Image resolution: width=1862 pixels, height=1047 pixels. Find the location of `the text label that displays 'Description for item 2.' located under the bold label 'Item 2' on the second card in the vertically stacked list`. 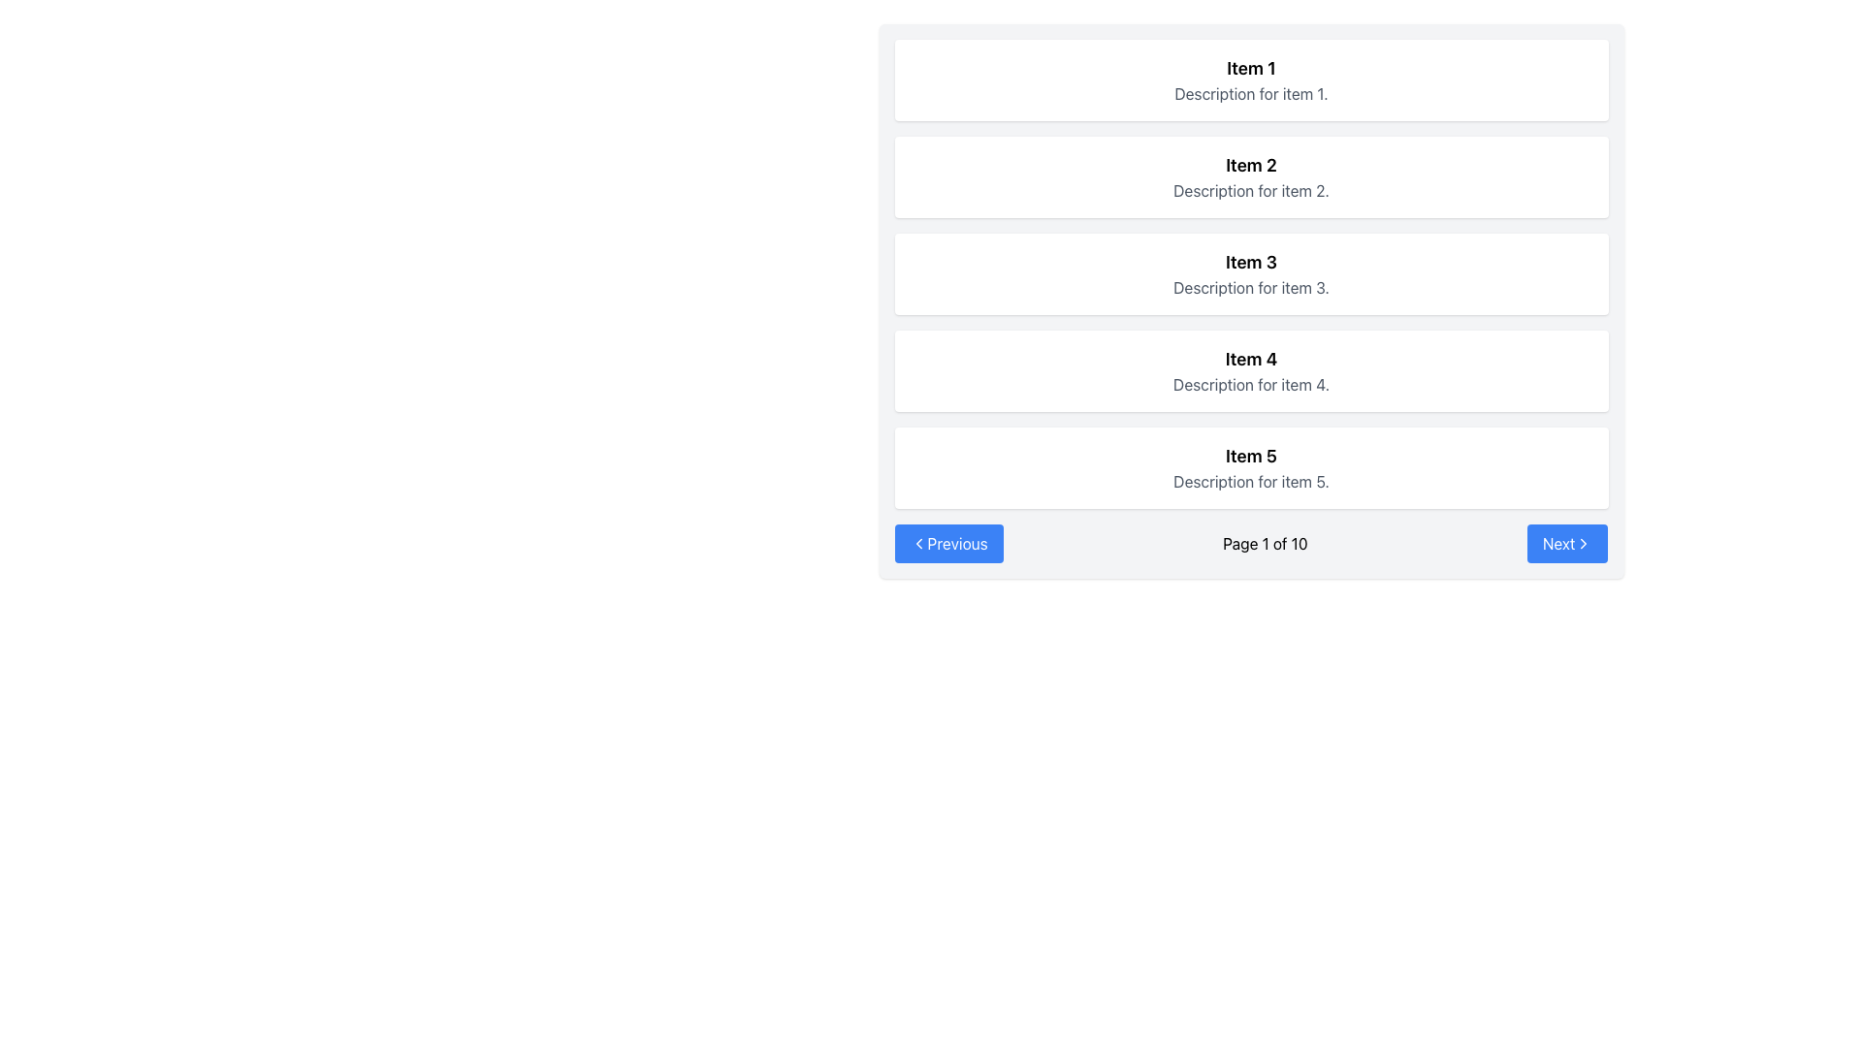

the text label that displays 'Description for item 2.' located under the bold label 'Item 2' on the second card in the vertically stacked list is located at coordinates (1251, 190).